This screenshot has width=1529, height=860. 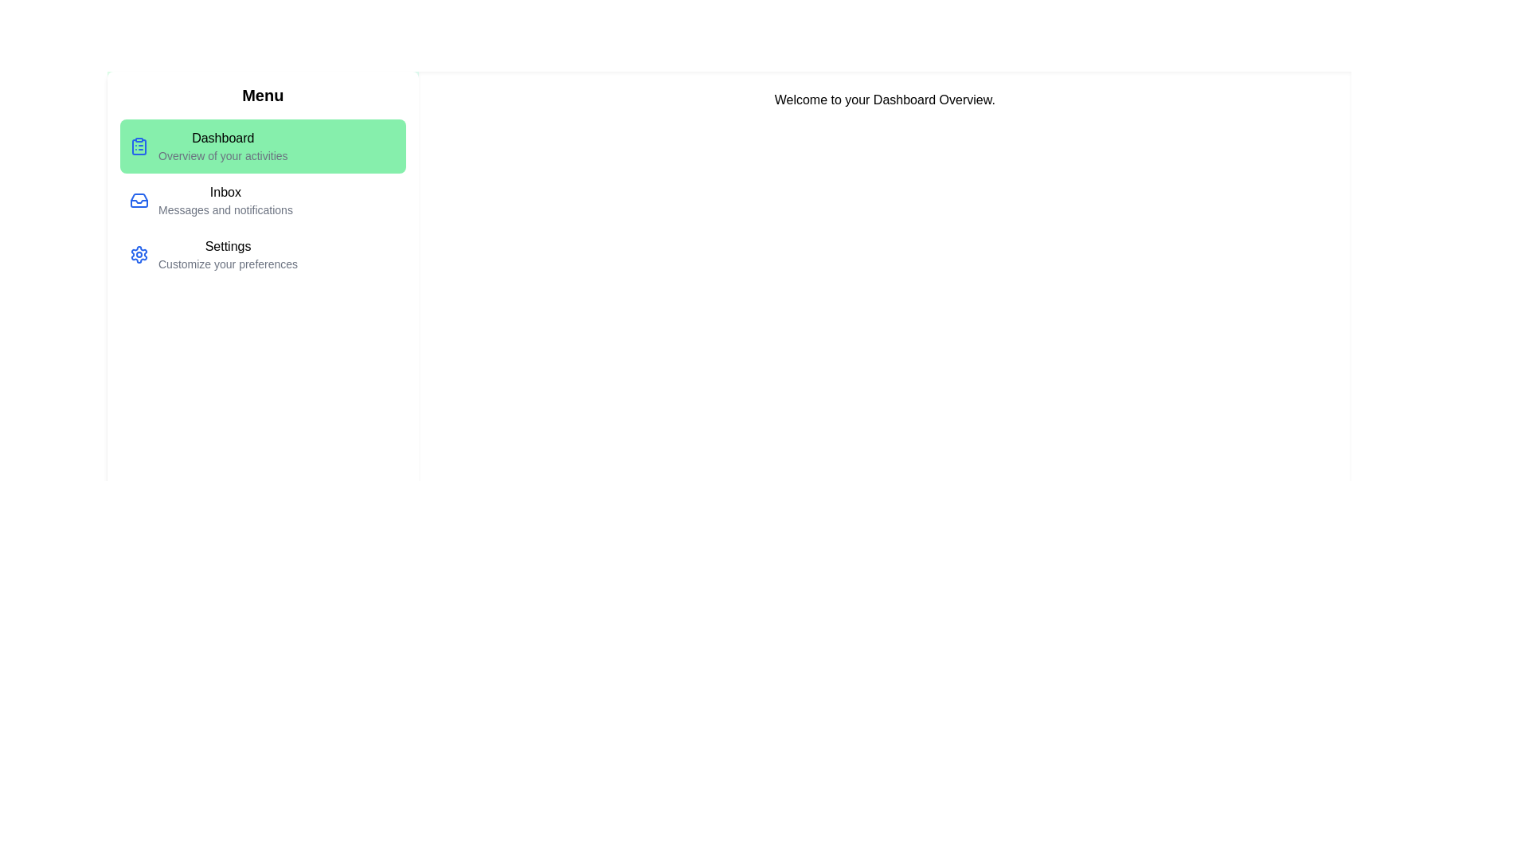 I want to click on the menu item corresponding to Dashboard, so click(x=263, y=147).